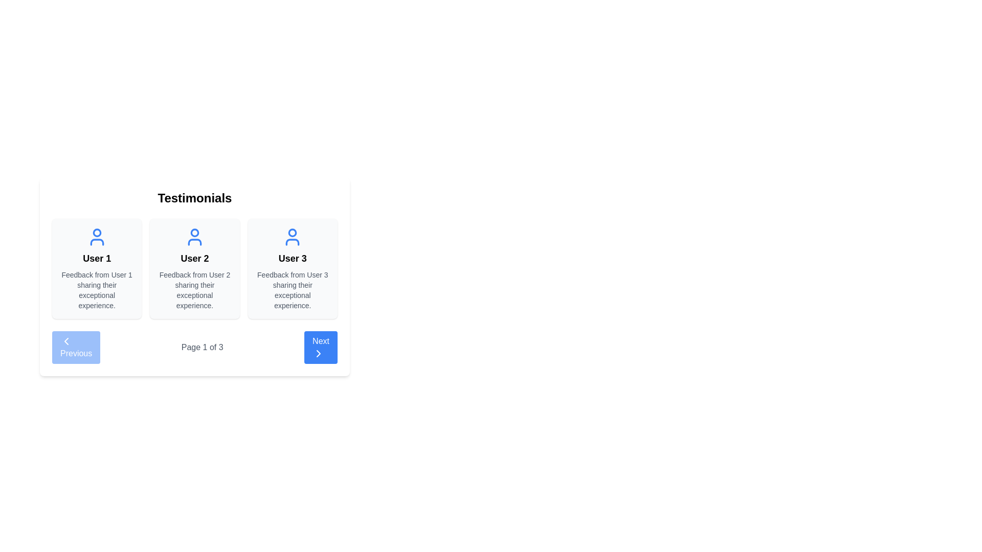 This screenshot has width=982, height=552. What do you see at coordinates (202, 347) in the screenshot?
I see `the static text element that reads 'Page 1 of 3', styled in a medium-weight gray font, located centrally in the bottom bar of the interface between the 'Previous' and 'Next' buttons` at bounding box center [202, 347].